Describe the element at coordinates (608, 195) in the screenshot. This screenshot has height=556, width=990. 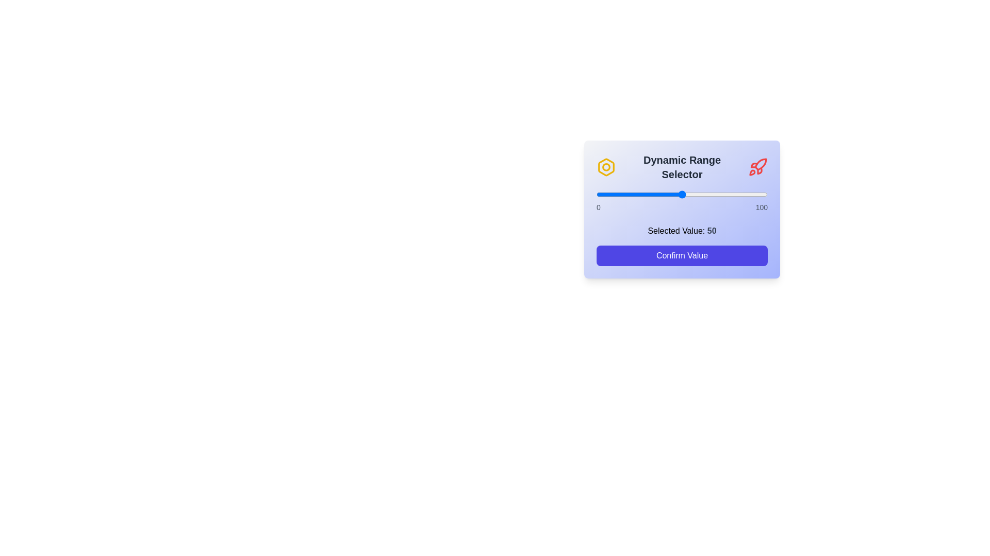
I see `the slider to set its value to 7` at that location.